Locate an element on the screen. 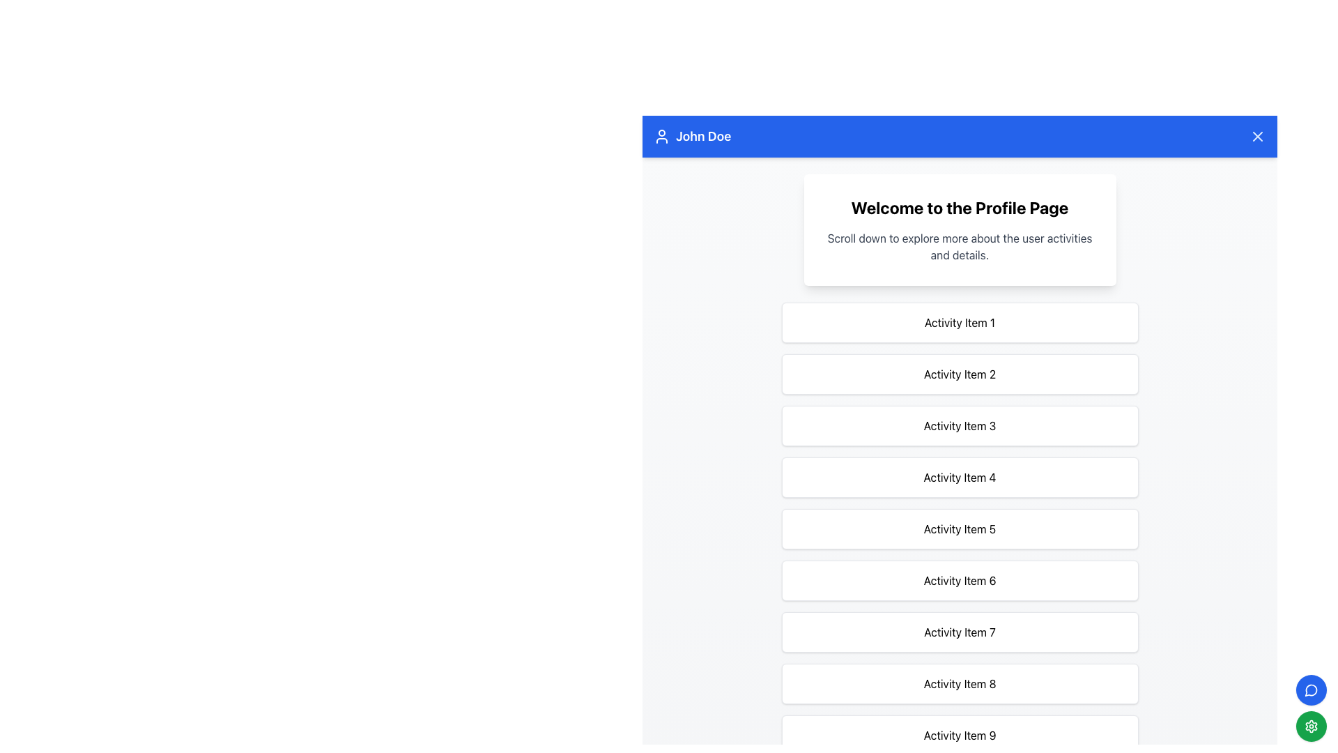 This screenshot has height=753, width=1338. the graphic icon located in the bottom right corner above the green gear icon is located at coordinates (1310, 690).